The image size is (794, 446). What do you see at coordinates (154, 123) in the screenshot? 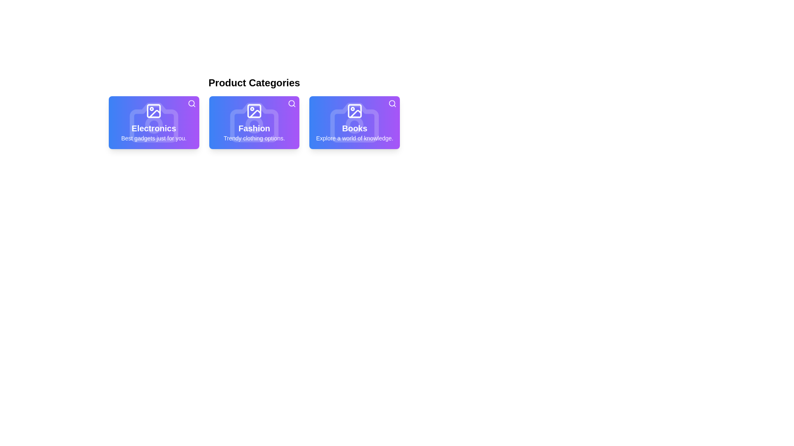
I see `the decorative camera icon located in the upper section of the 'Electronics' category card, which is part of a horizontal series of cards` at bounding box center [154, 123].